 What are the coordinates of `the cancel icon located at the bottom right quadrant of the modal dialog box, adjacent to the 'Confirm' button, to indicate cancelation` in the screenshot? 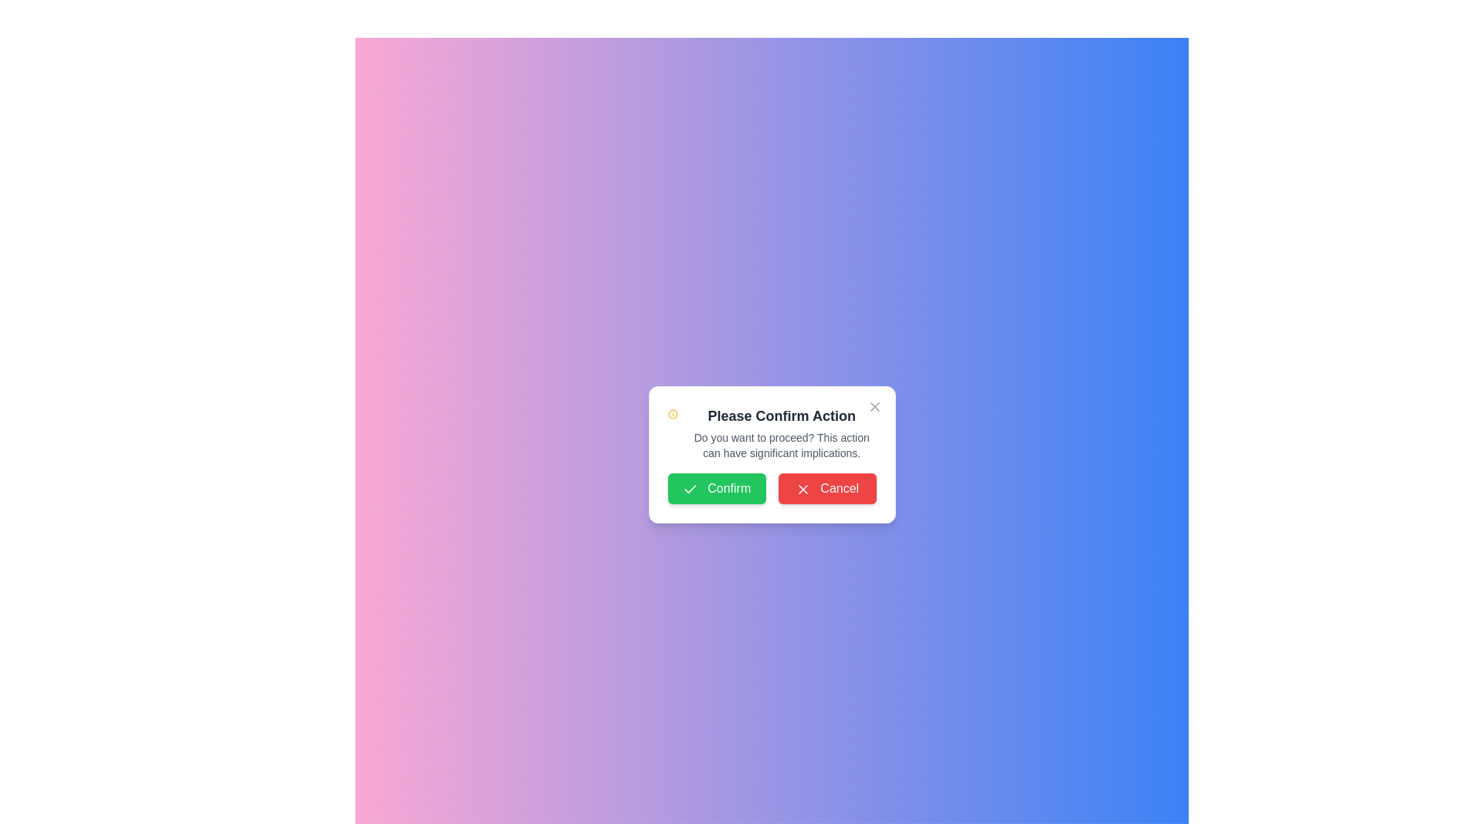 It's located at (803, 489).